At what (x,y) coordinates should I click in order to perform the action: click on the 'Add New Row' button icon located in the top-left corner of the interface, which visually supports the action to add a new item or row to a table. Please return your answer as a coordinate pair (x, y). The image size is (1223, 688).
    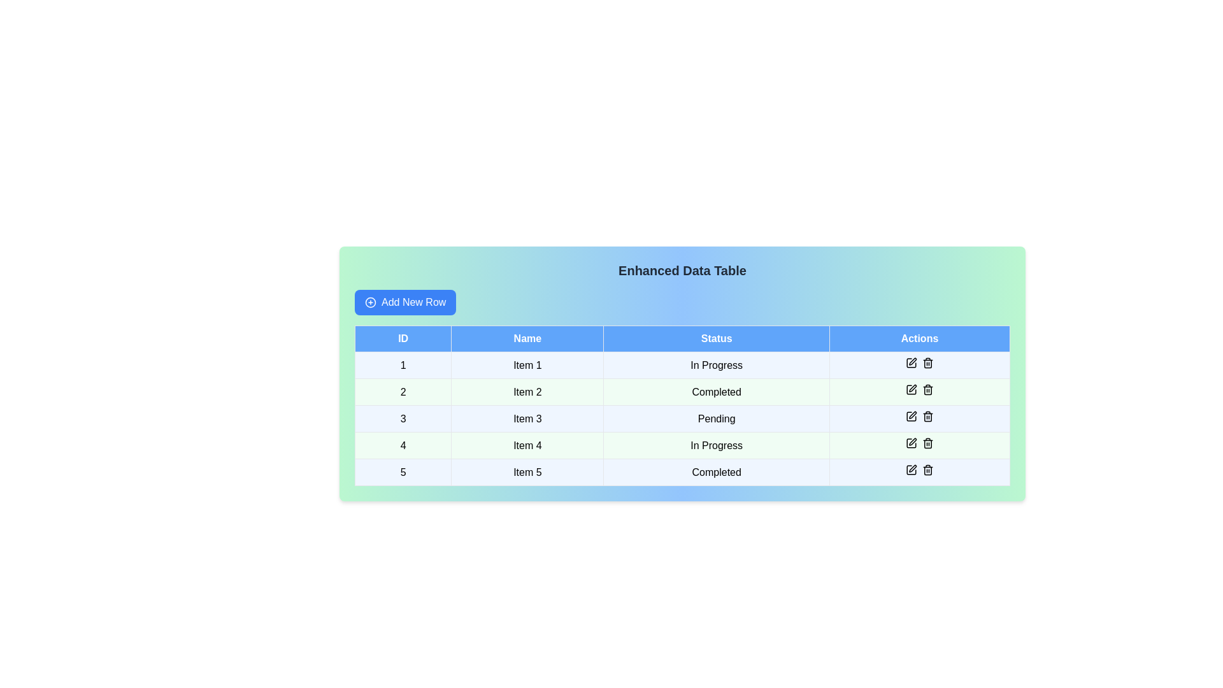
    Looking at the image, I should click on (369, 302).